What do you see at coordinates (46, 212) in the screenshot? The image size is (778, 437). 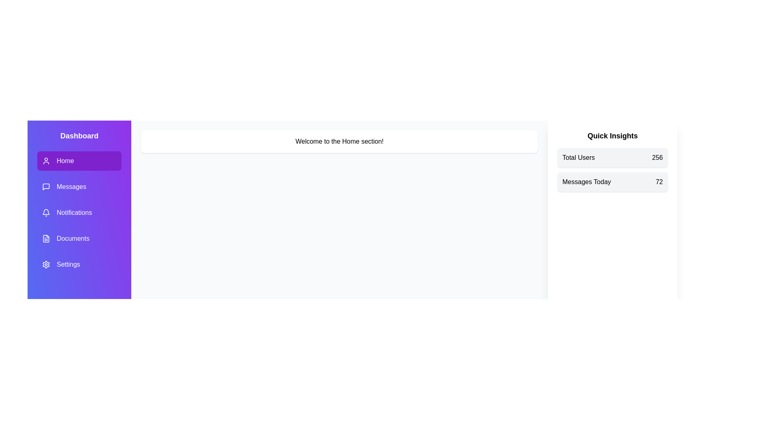 I see `the bell icon in the 'Notifications' section of the vertical side navigation bar, which is styled with a gradient background and contains other items like 'Home', 'Messages', 'Documents', and 'Settings'` at bounding box center [46, 212].